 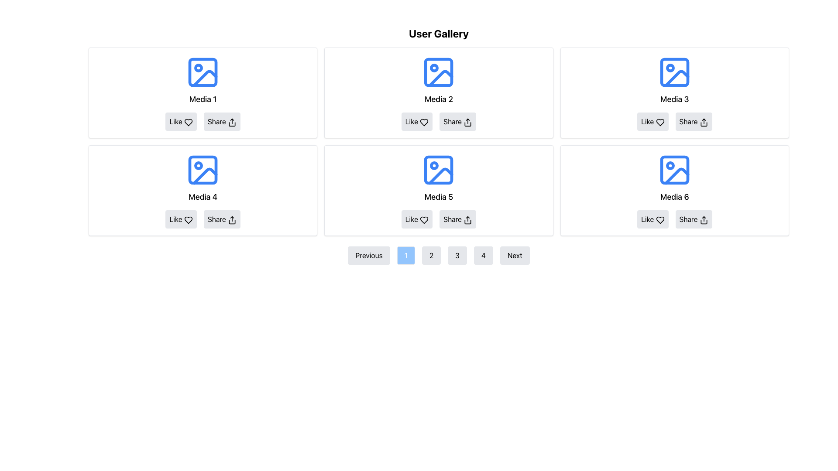 What do you see at coordinates (515, 255) in the screenshot?
I see `the navigation button located at the far right of the row of controls` at bounding box center [515, 255].